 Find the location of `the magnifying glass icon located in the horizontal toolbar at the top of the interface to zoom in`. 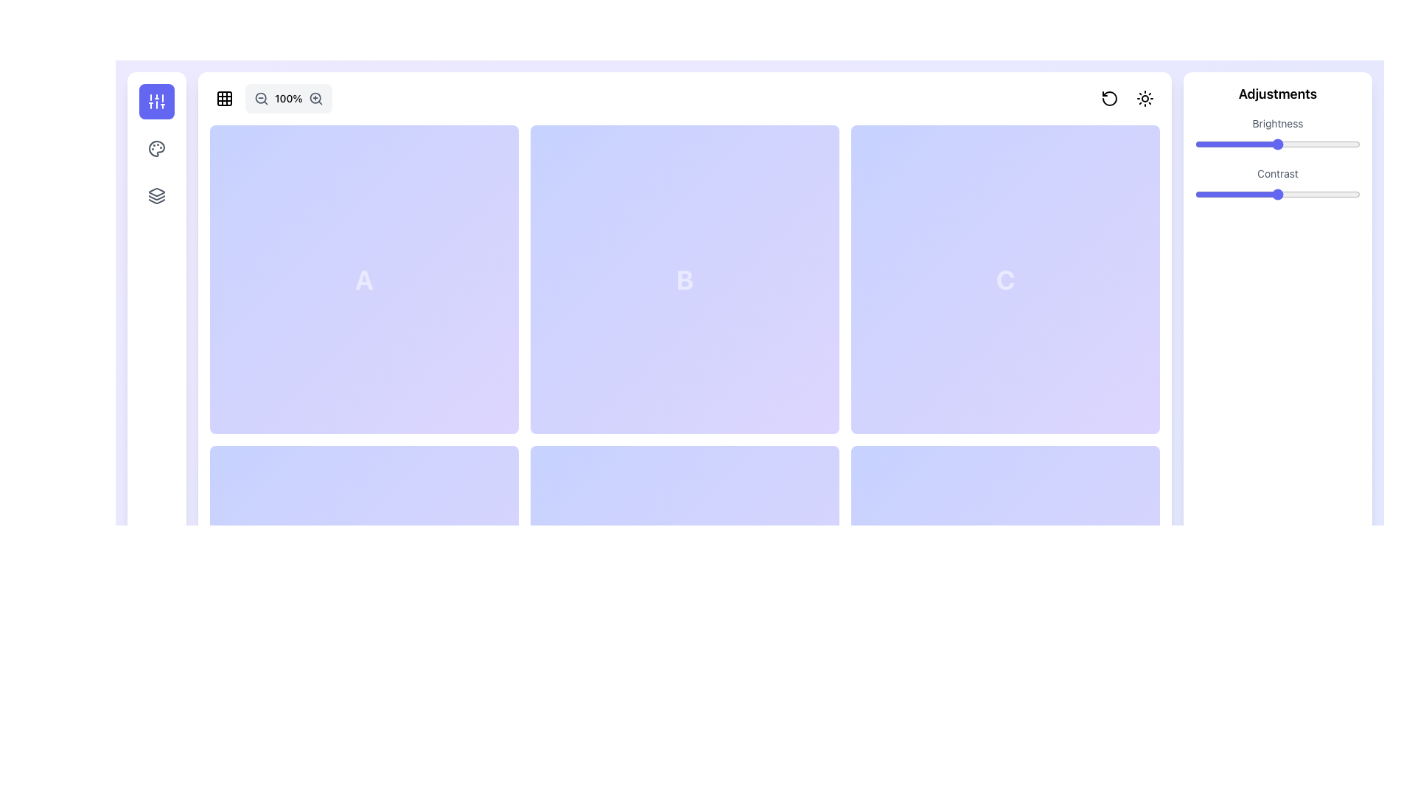

the magnifying glass icon located in the horizontal toolbar at the top of the interface to zoom in is located at coordinates (315, 99).